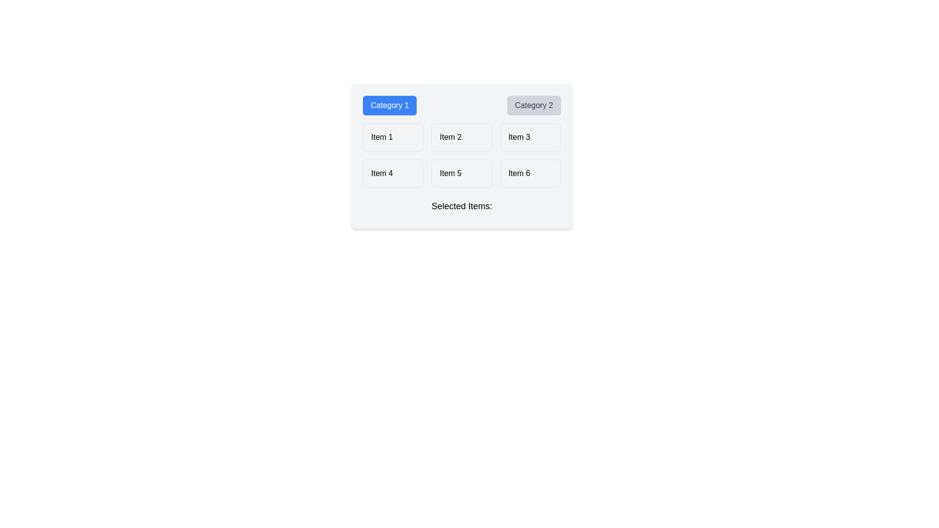 The height and width of the screenshot is (528, 939). What do you see at coordinates (530, 137) in the screenshot?
I see `the interactive grid item labeled 'Item 3'` at bounding box center [530, 137].